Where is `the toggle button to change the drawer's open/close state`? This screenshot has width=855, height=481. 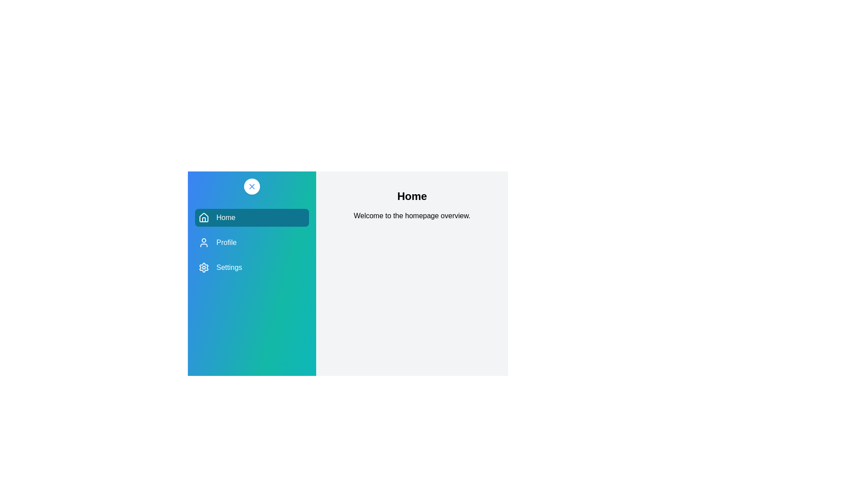
the toggle button to change the drawer's open/close state is located at coordinates (252, 186).